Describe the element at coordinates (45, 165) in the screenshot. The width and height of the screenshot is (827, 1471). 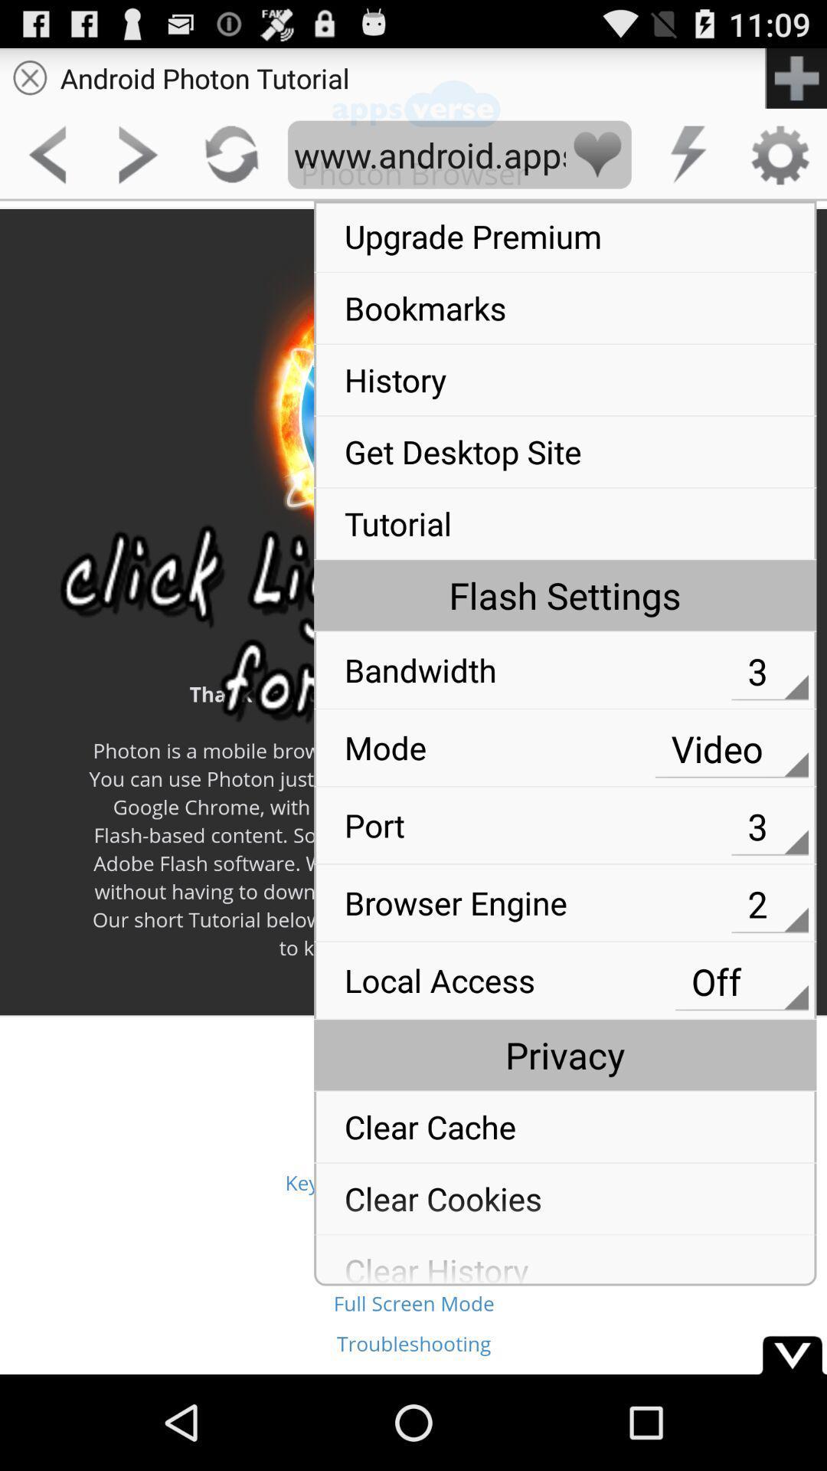
I see `the arrow_backward icon` at that location.